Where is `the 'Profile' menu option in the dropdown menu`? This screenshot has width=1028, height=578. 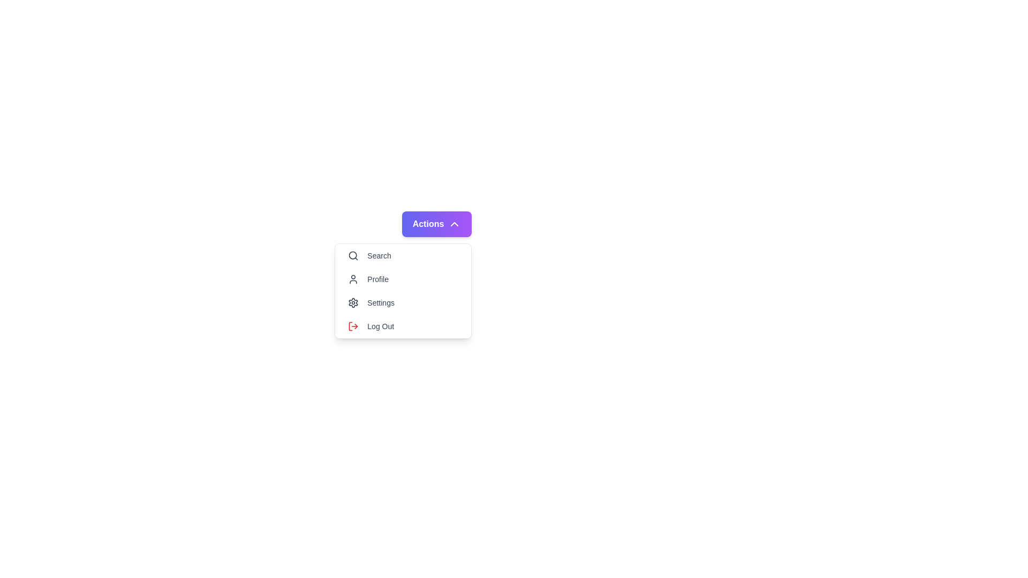
the 'Profile' menu option in the dropdown menu is located at coordinates (378, 278).